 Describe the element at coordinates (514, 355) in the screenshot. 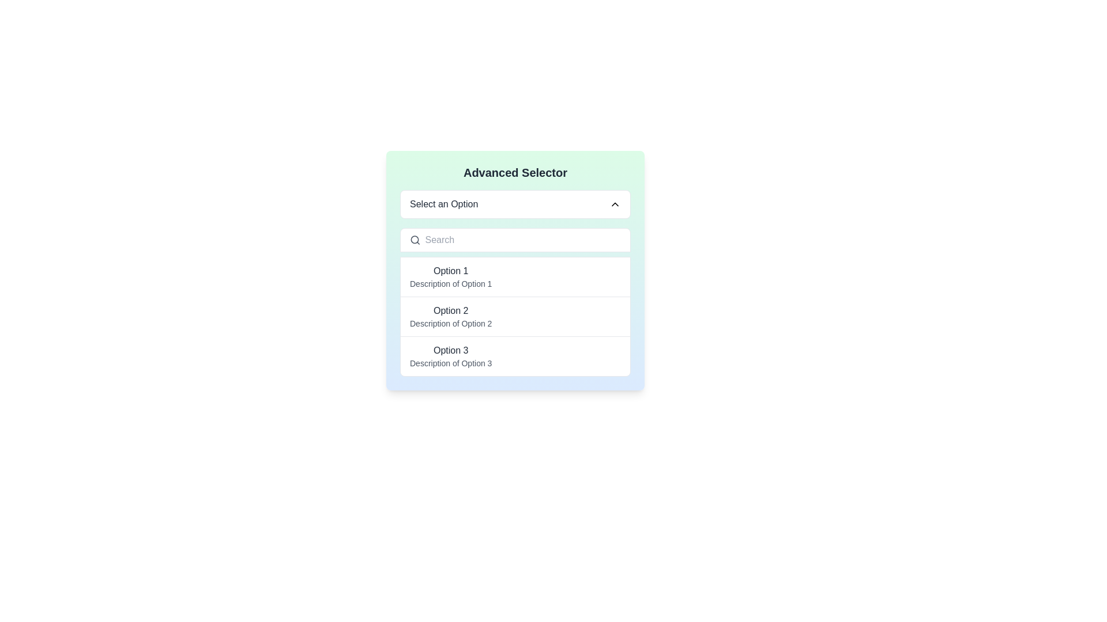

I see `the third item in the vertically stacked selection list` at that location.